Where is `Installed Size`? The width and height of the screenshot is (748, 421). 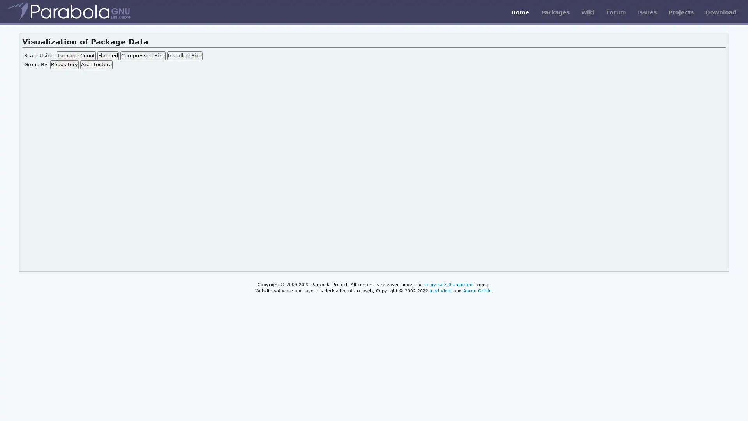 Installed Size is located at coordinates (184, 55).